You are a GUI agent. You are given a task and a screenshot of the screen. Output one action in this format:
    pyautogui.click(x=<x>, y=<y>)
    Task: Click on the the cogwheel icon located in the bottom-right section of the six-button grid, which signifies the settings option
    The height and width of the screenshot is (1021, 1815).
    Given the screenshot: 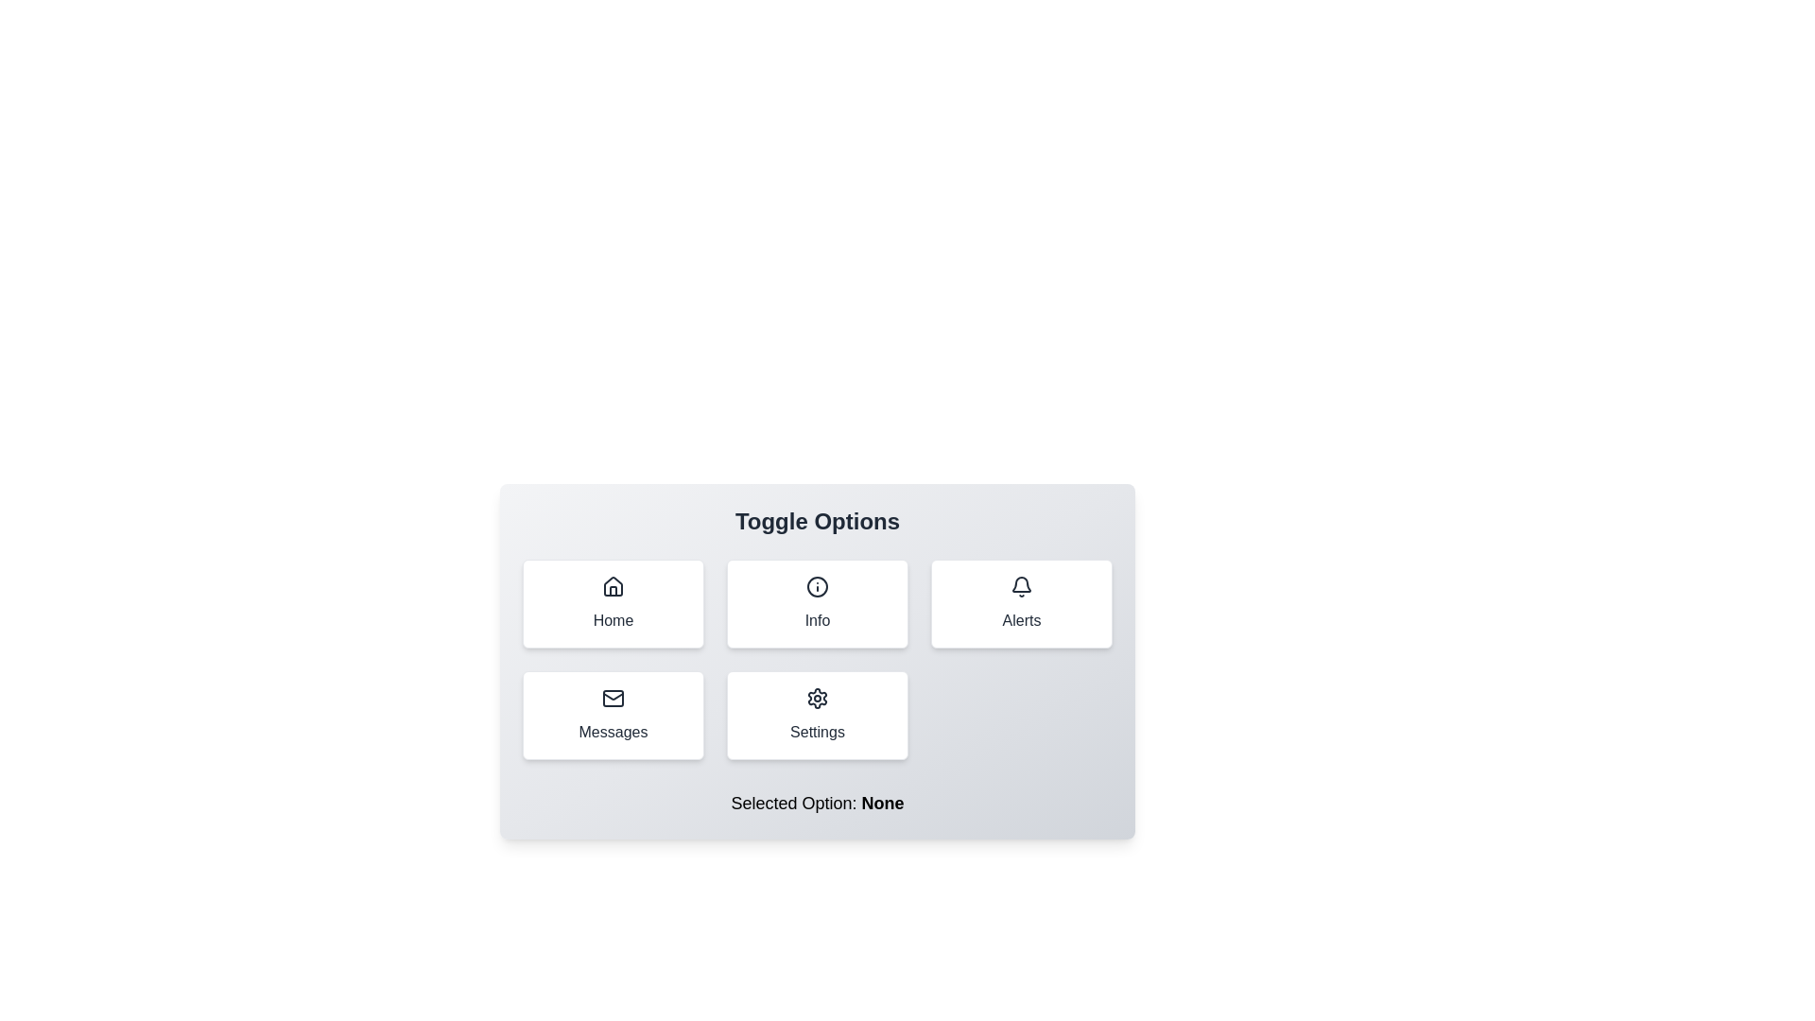 What is the action you would take?
    pyautogui.click(x=817, y=699)
    